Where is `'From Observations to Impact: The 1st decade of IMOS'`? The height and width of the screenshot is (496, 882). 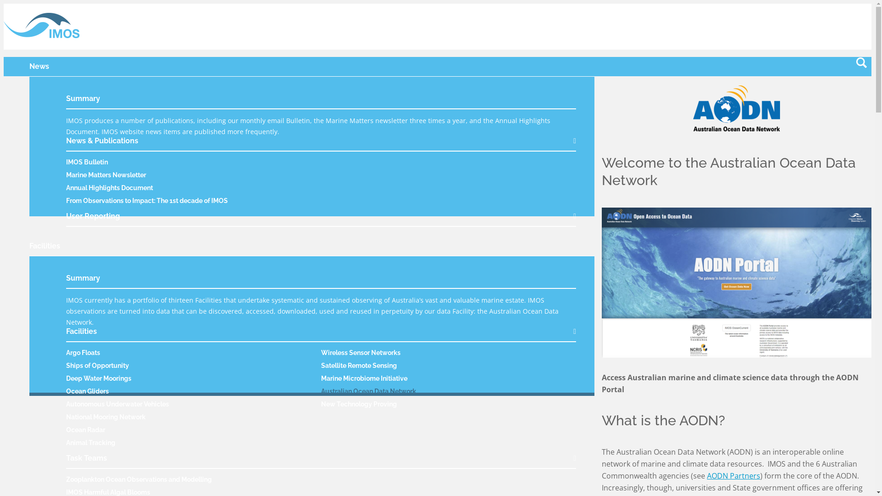 'From Observations to Impact: The 1st decade of IMOS' is located at coordinates (147, 200).